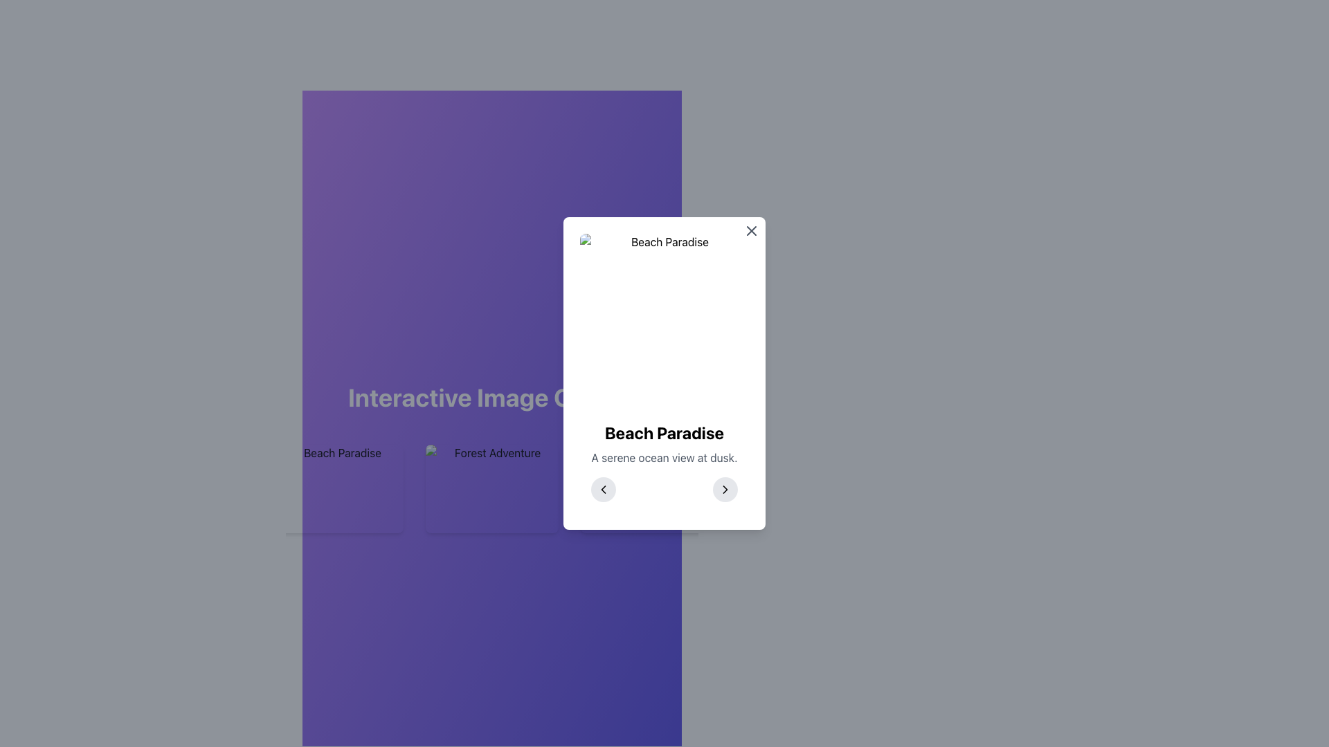  Describe the element at coordinates (491, 488) in the screenshot. I see `the image thumbnail labeled 'Forest Adventure', which is the middle thumbnail of three equally spaced horizontally arranged thumbnails within a card-like layout` at that location.